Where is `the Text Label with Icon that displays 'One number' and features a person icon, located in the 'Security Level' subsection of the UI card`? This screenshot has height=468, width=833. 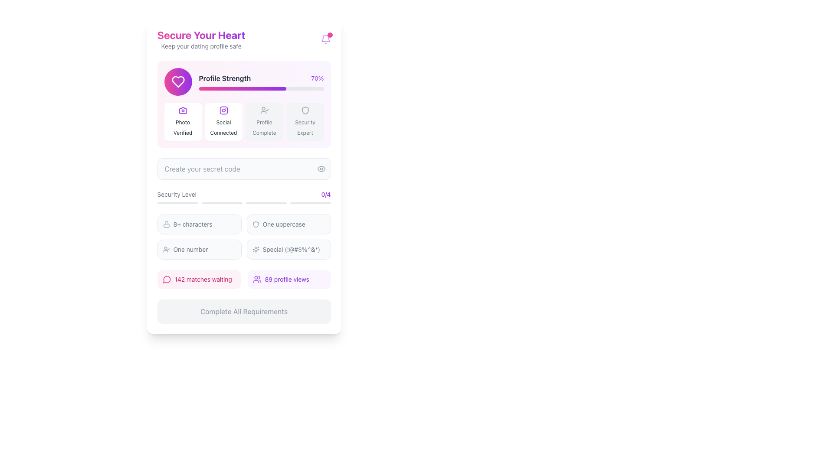 the Text Label with Icon that displays 'One number' and features a person icon, located in the 'Security Level' subsection of the UI card is located at coordinates (199, 249).